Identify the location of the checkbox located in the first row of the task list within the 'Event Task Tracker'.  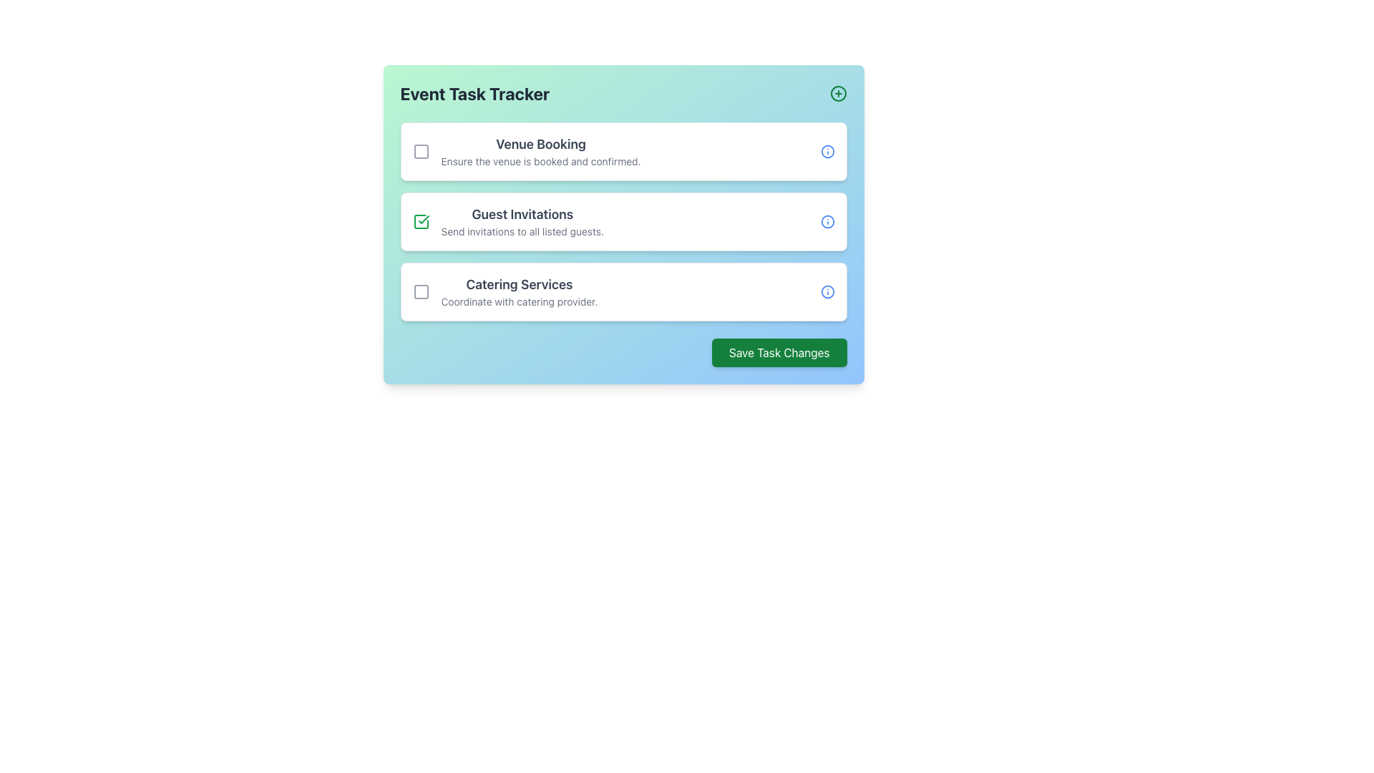
(420, 152).